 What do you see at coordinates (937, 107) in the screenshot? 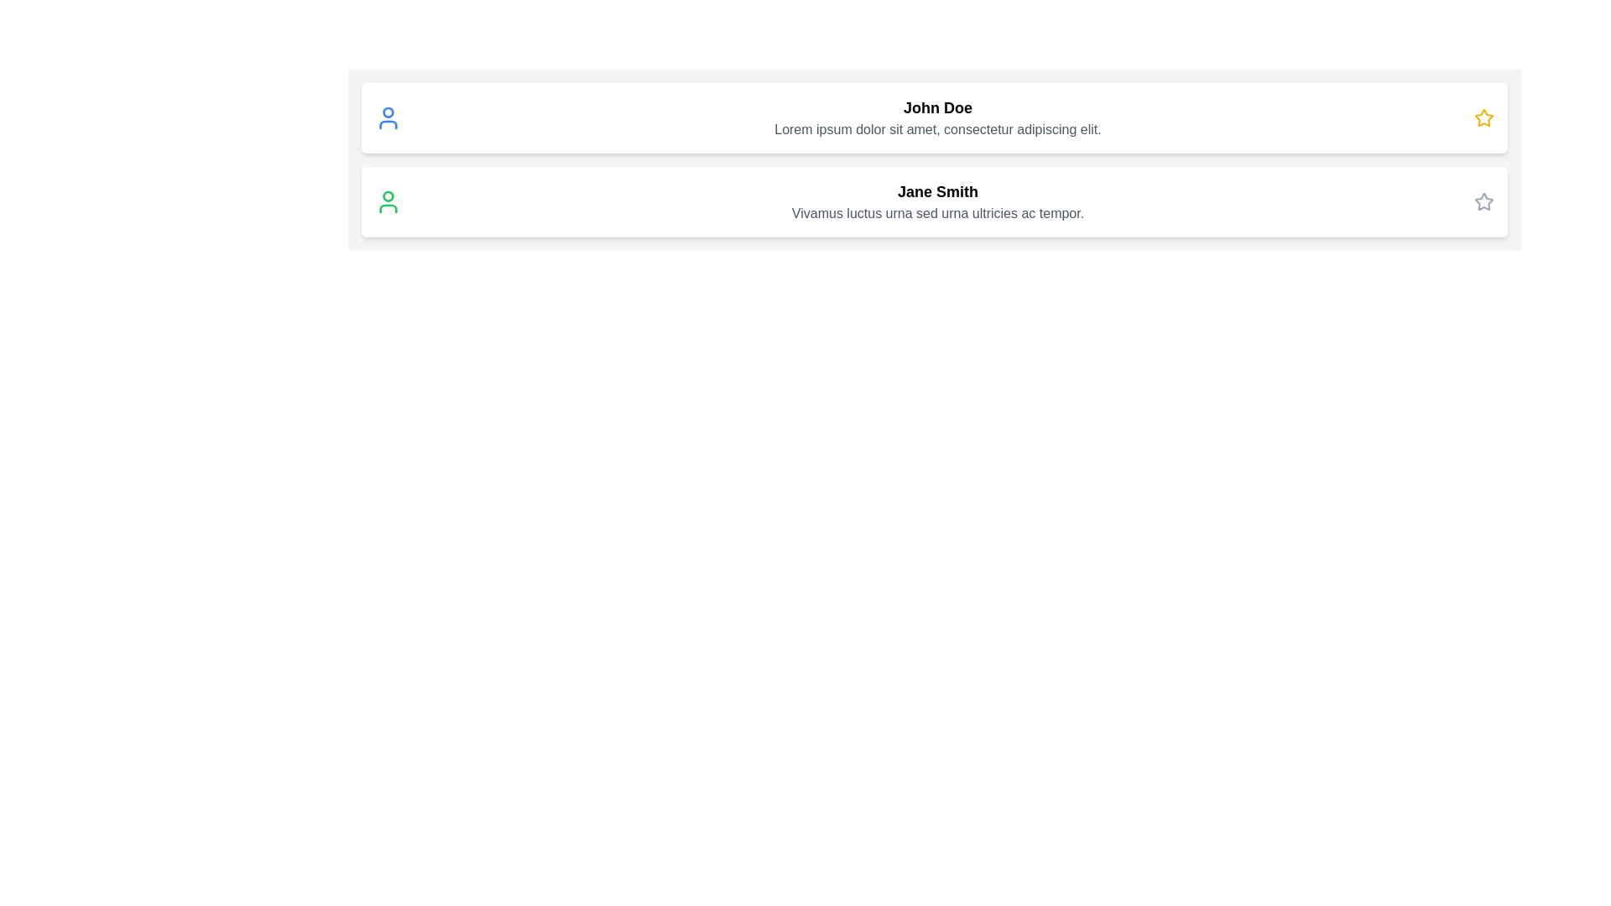
I see `the Text Label displaying the name 'John Doe', which is located in the upper region of the visible card above the descriptive text block` at bounding box center [937, 107].